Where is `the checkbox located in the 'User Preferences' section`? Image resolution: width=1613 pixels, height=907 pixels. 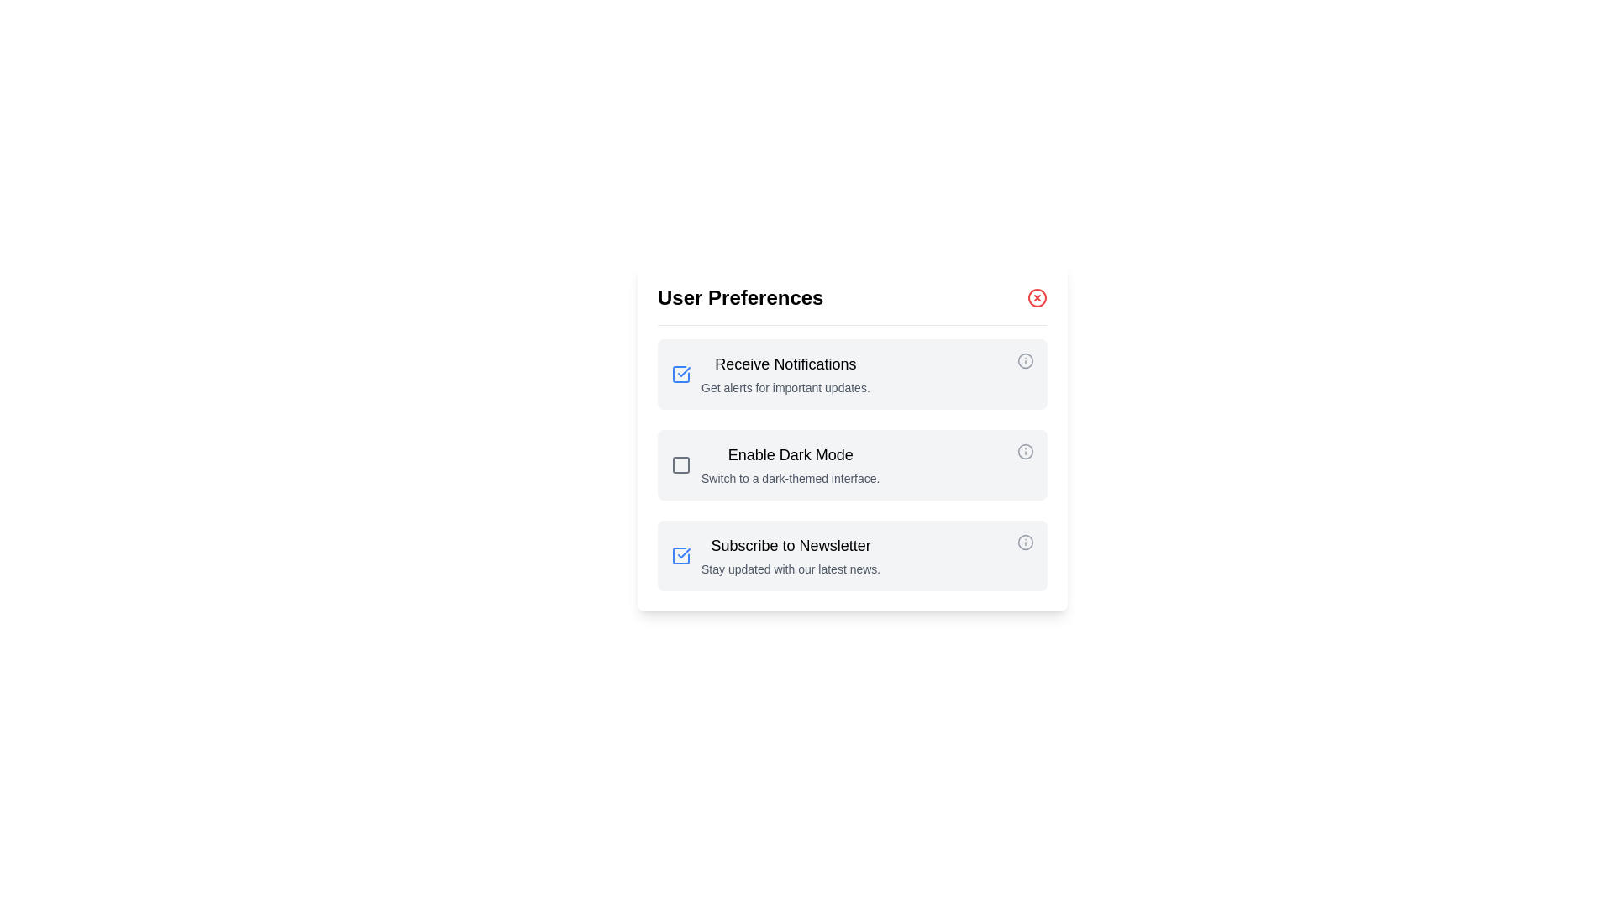 the checkbox located in the 'User Preferences' section is located at coordinates (686, 465).